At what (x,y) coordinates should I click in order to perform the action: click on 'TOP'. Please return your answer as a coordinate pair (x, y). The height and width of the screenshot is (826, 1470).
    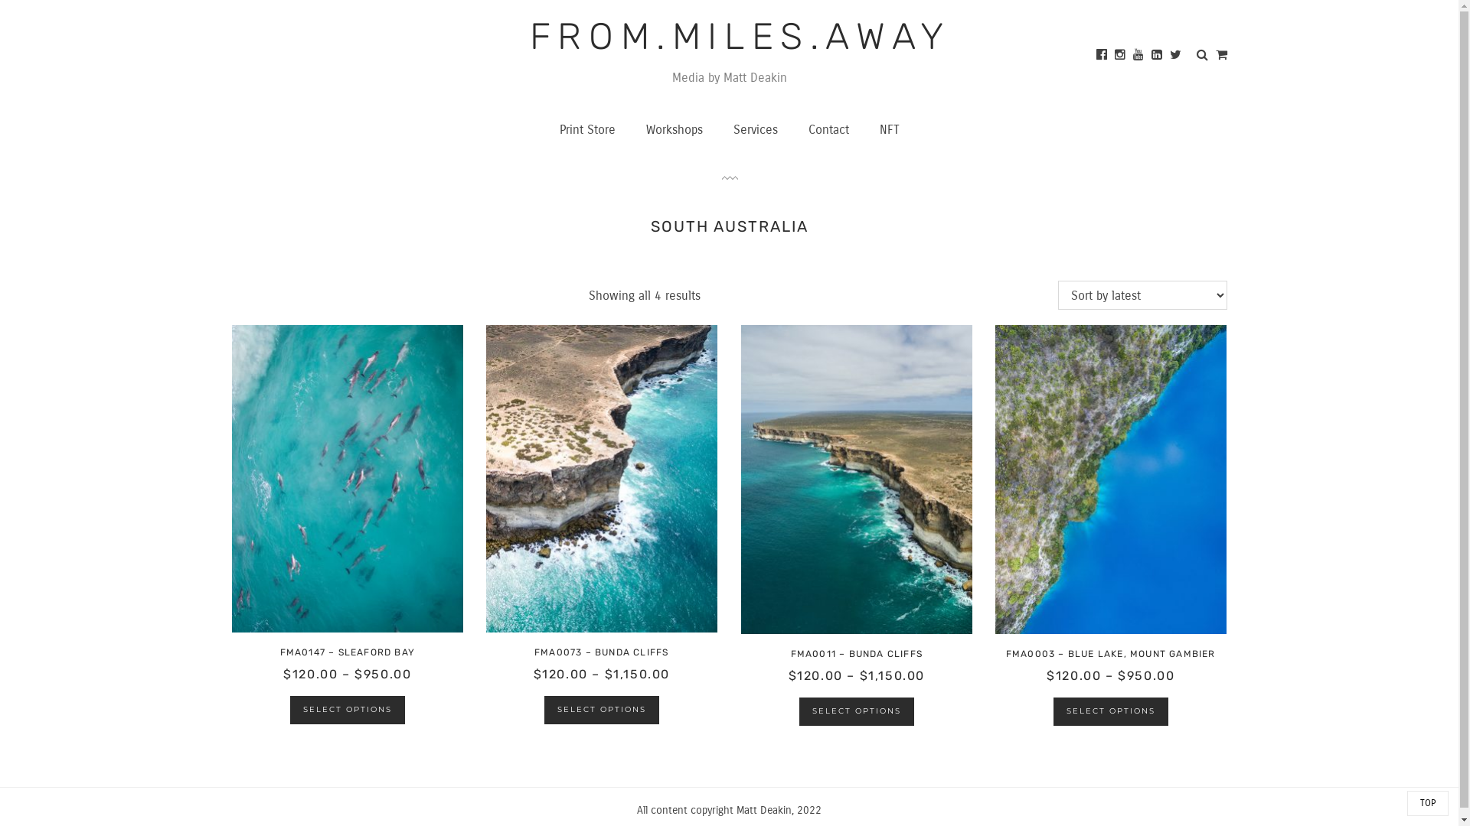
    Looking at the image, I should click on (1427, 802).